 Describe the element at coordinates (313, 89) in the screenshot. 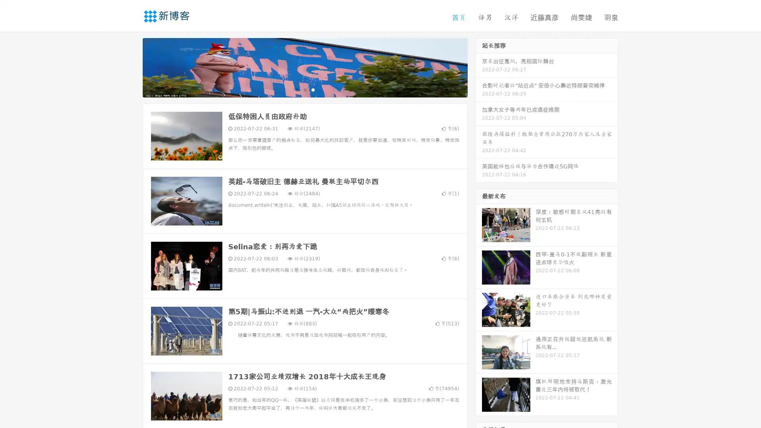

I see `Go to slide 3` at that location.